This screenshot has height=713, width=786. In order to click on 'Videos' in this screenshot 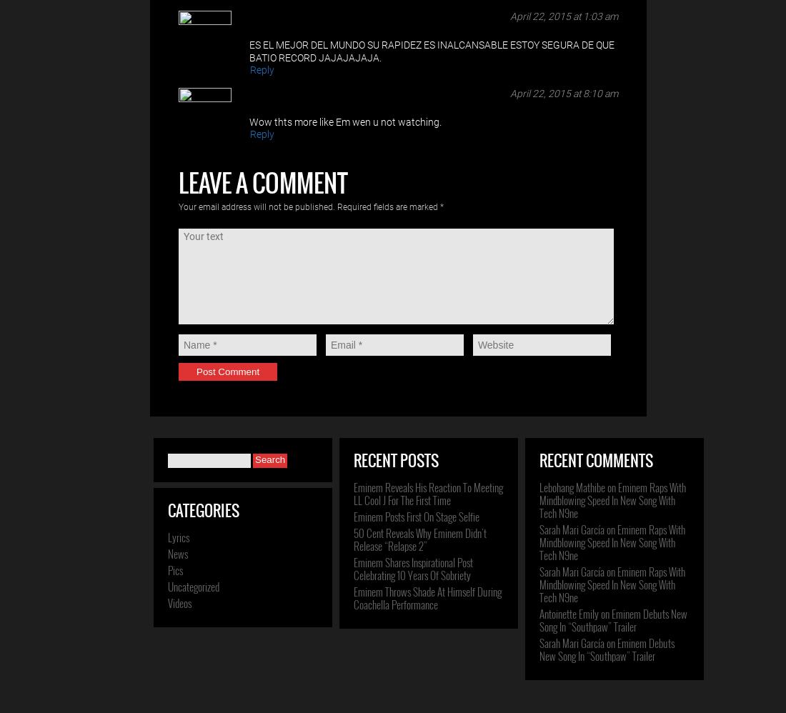, I will do `click(179, 603)`.